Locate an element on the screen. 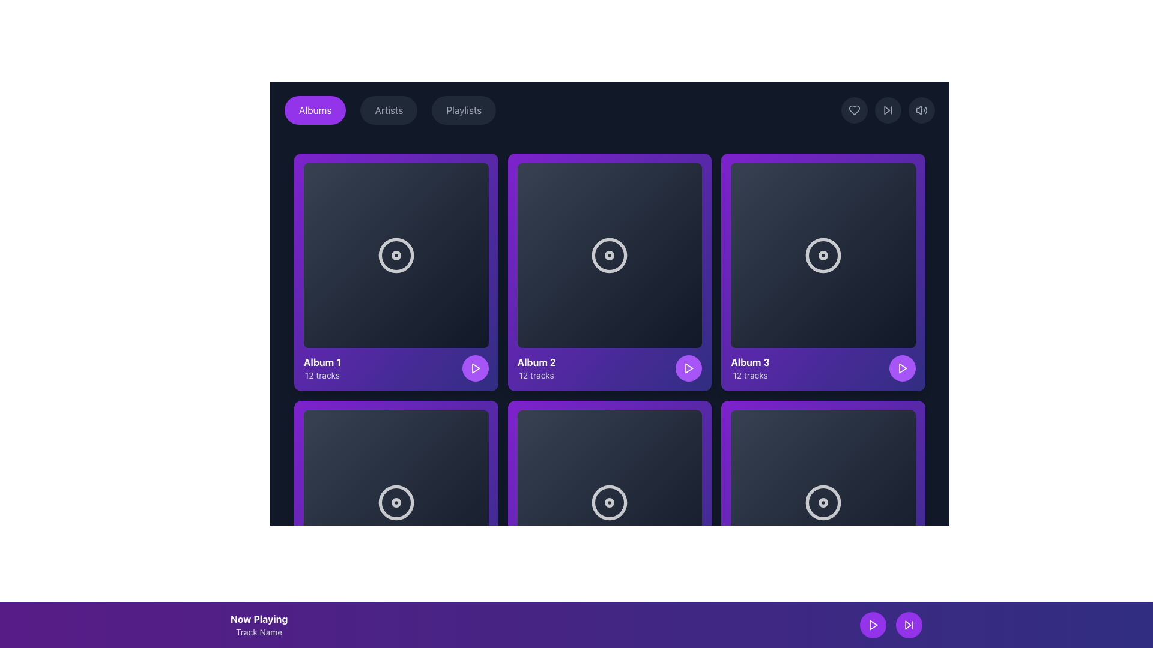 This screenshot has height=648, width=1153. the square component with rounded corners and a gradient background, located in the third row and second column of the album card labeled 'Album 5 12 tracks' is located at coordinates (610, 502).